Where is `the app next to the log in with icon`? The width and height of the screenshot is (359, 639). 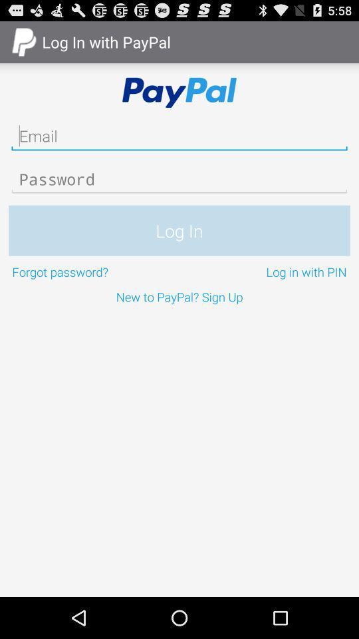 the app next to the log in with icon is located at coordinates (93, 271).